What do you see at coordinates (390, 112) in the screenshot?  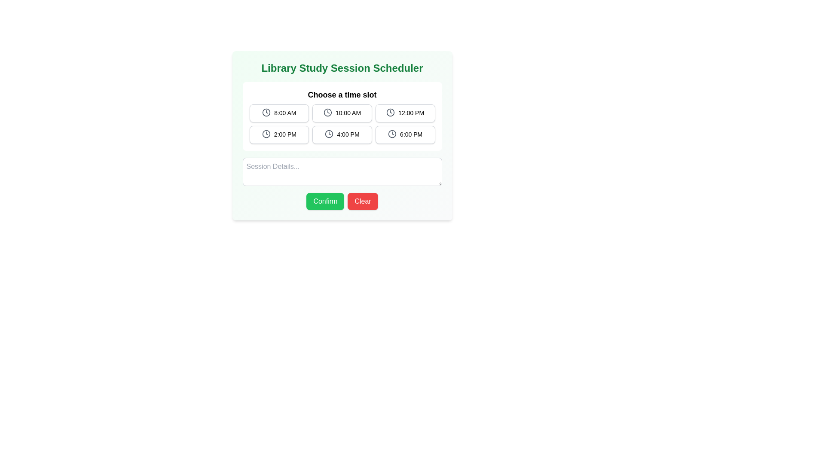 I see `the circular stroke icon element that encases the clock's face` at bounding box center [390, 112].